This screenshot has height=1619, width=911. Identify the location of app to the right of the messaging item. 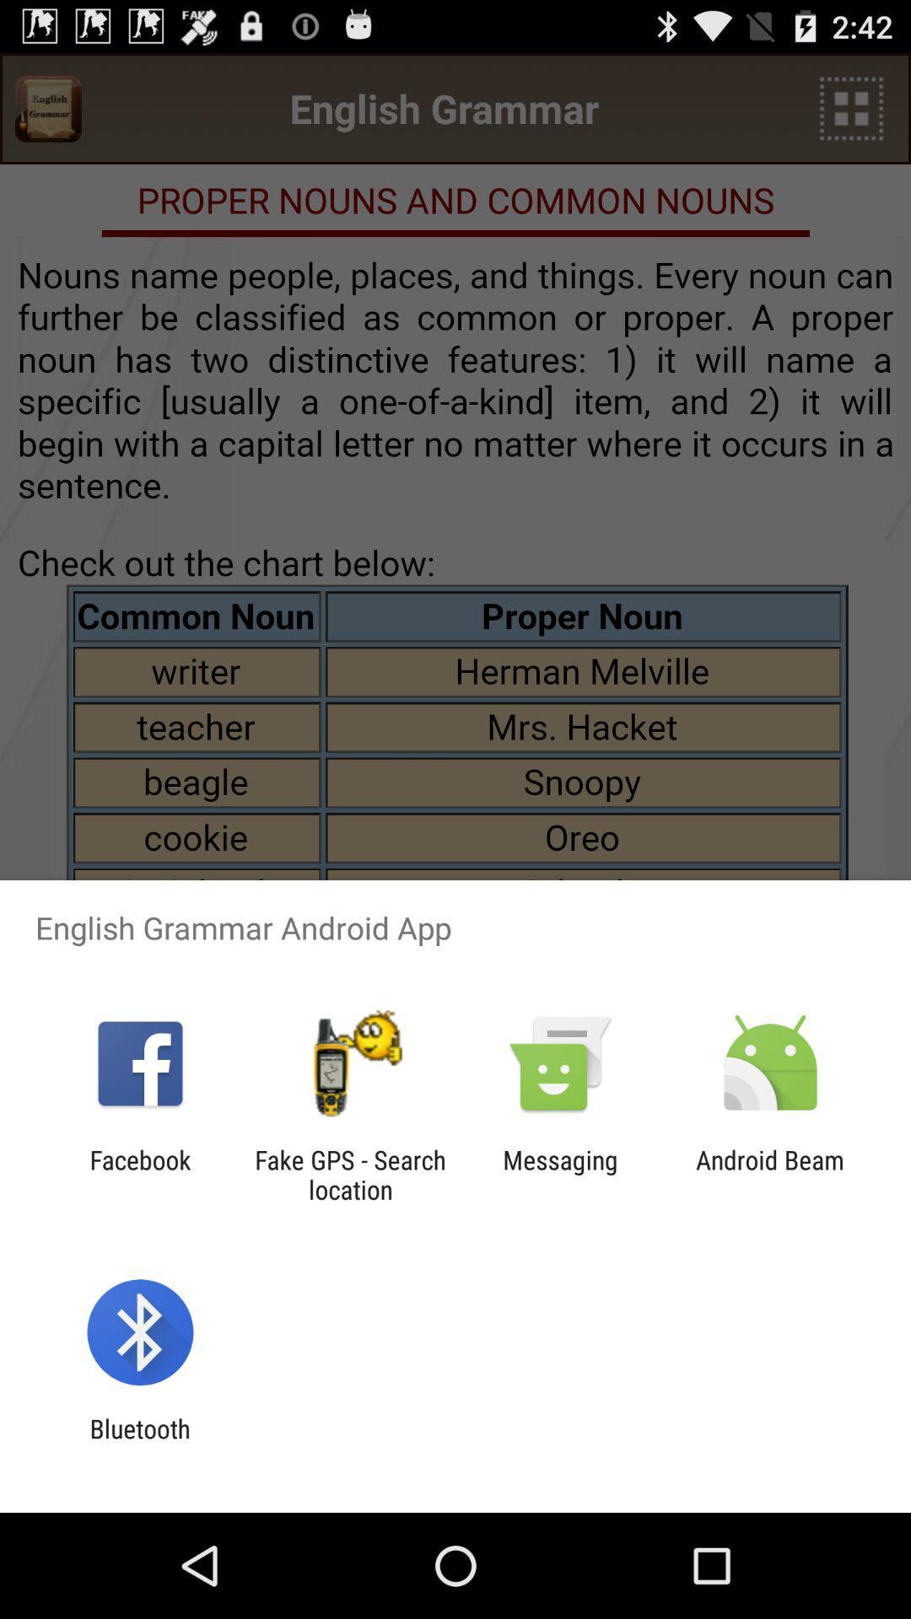
(770, 1174).